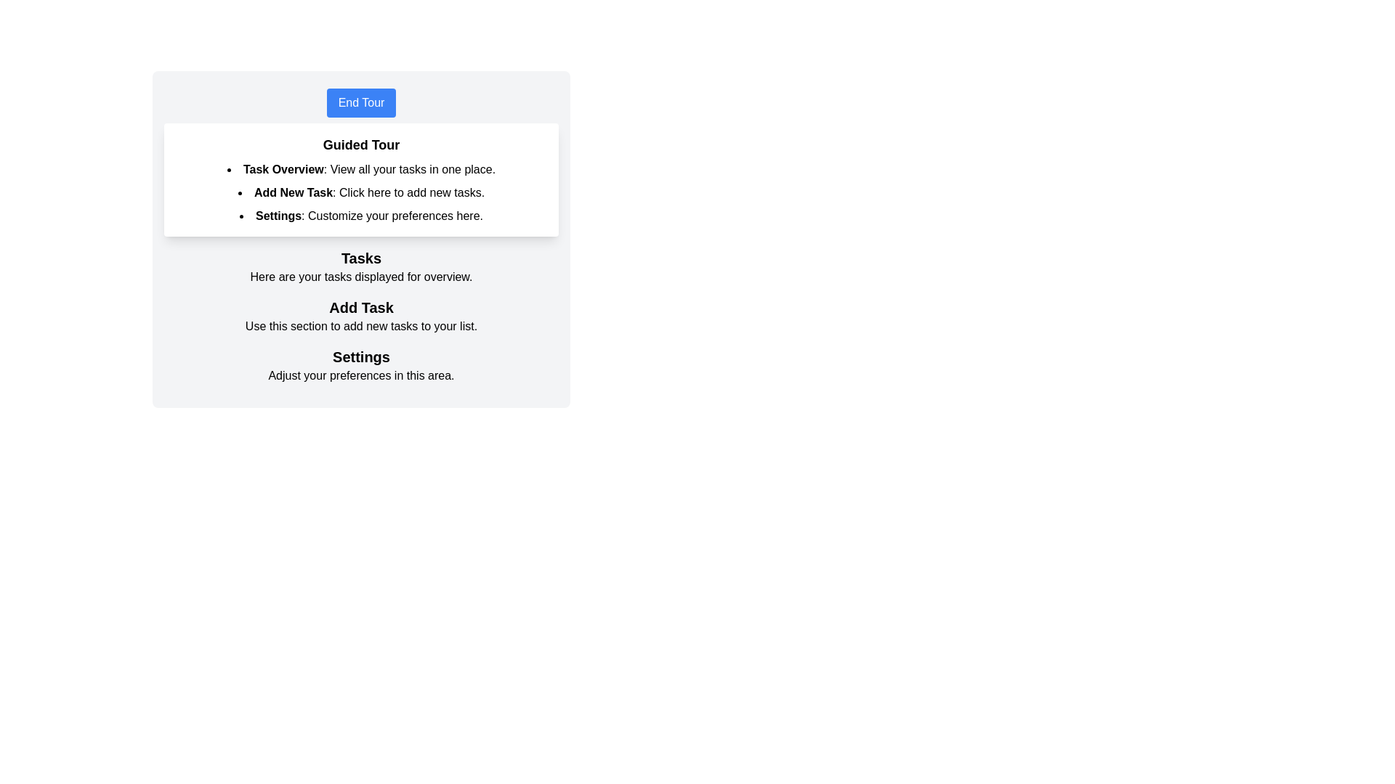  Describe the element at coordinates (361, 375) in the screenshot. I see `the text label that reads 'Adjust your preferences in this area.' which is located directly below the 'Settings' heading in the 'Settings' section` at that location.